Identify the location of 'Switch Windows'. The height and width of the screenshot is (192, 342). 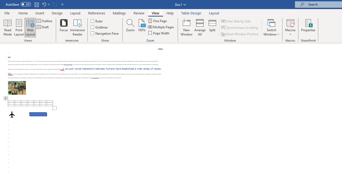
(271, 27).